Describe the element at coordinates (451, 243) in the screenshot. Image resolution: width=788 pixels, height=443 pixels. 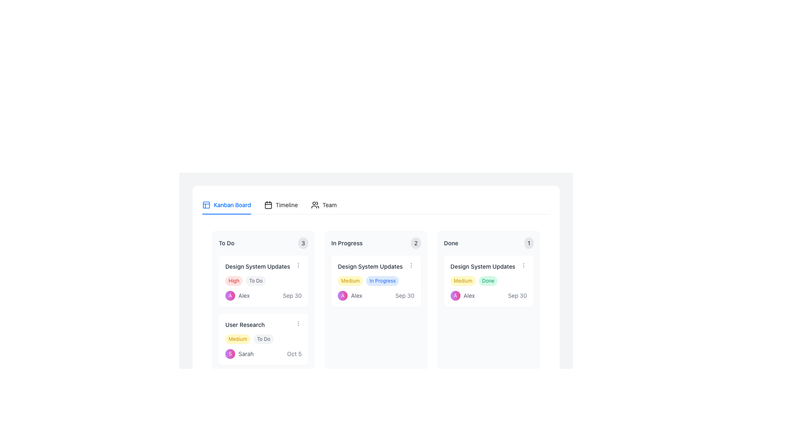
I see `the text label indicating the completion state of an item in the 'Done' category list located in the top-right corner of the card` at that location.